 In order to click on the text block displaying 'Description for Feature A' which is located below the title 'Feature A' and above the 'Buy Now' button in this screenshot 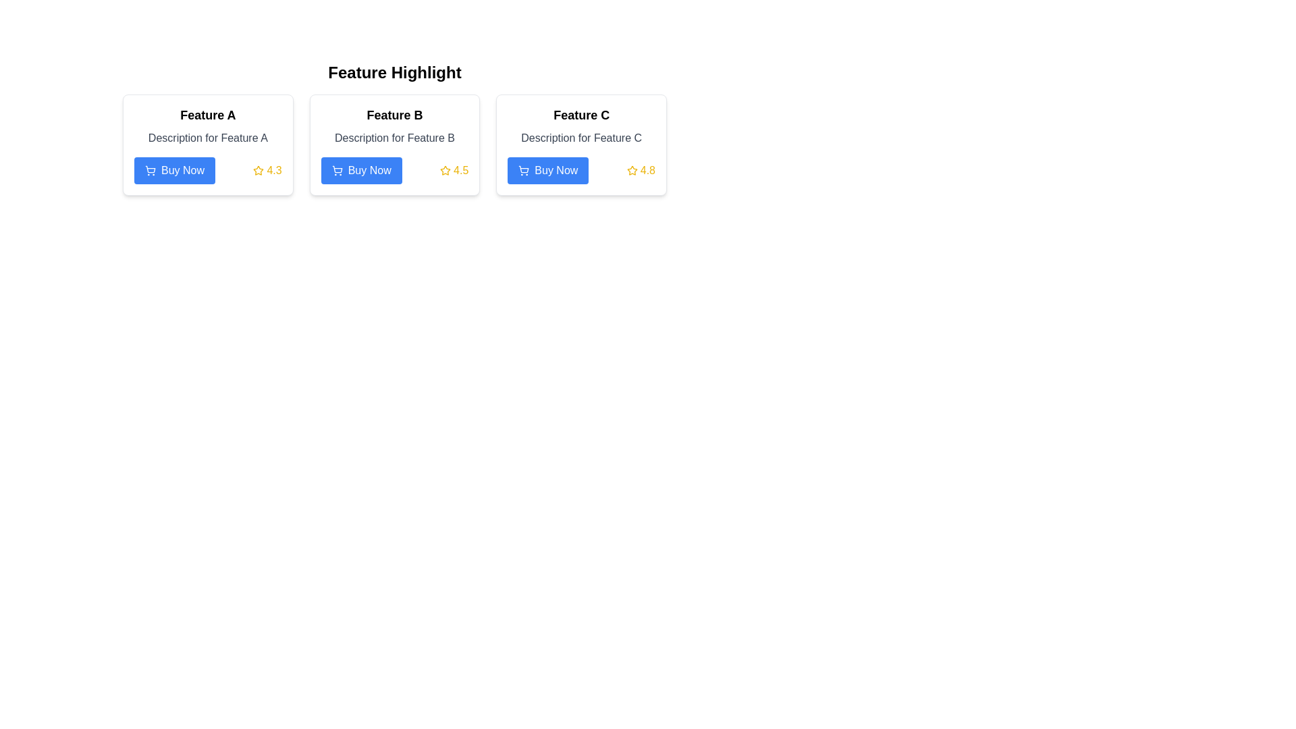, I will do `click(207, 138)`.